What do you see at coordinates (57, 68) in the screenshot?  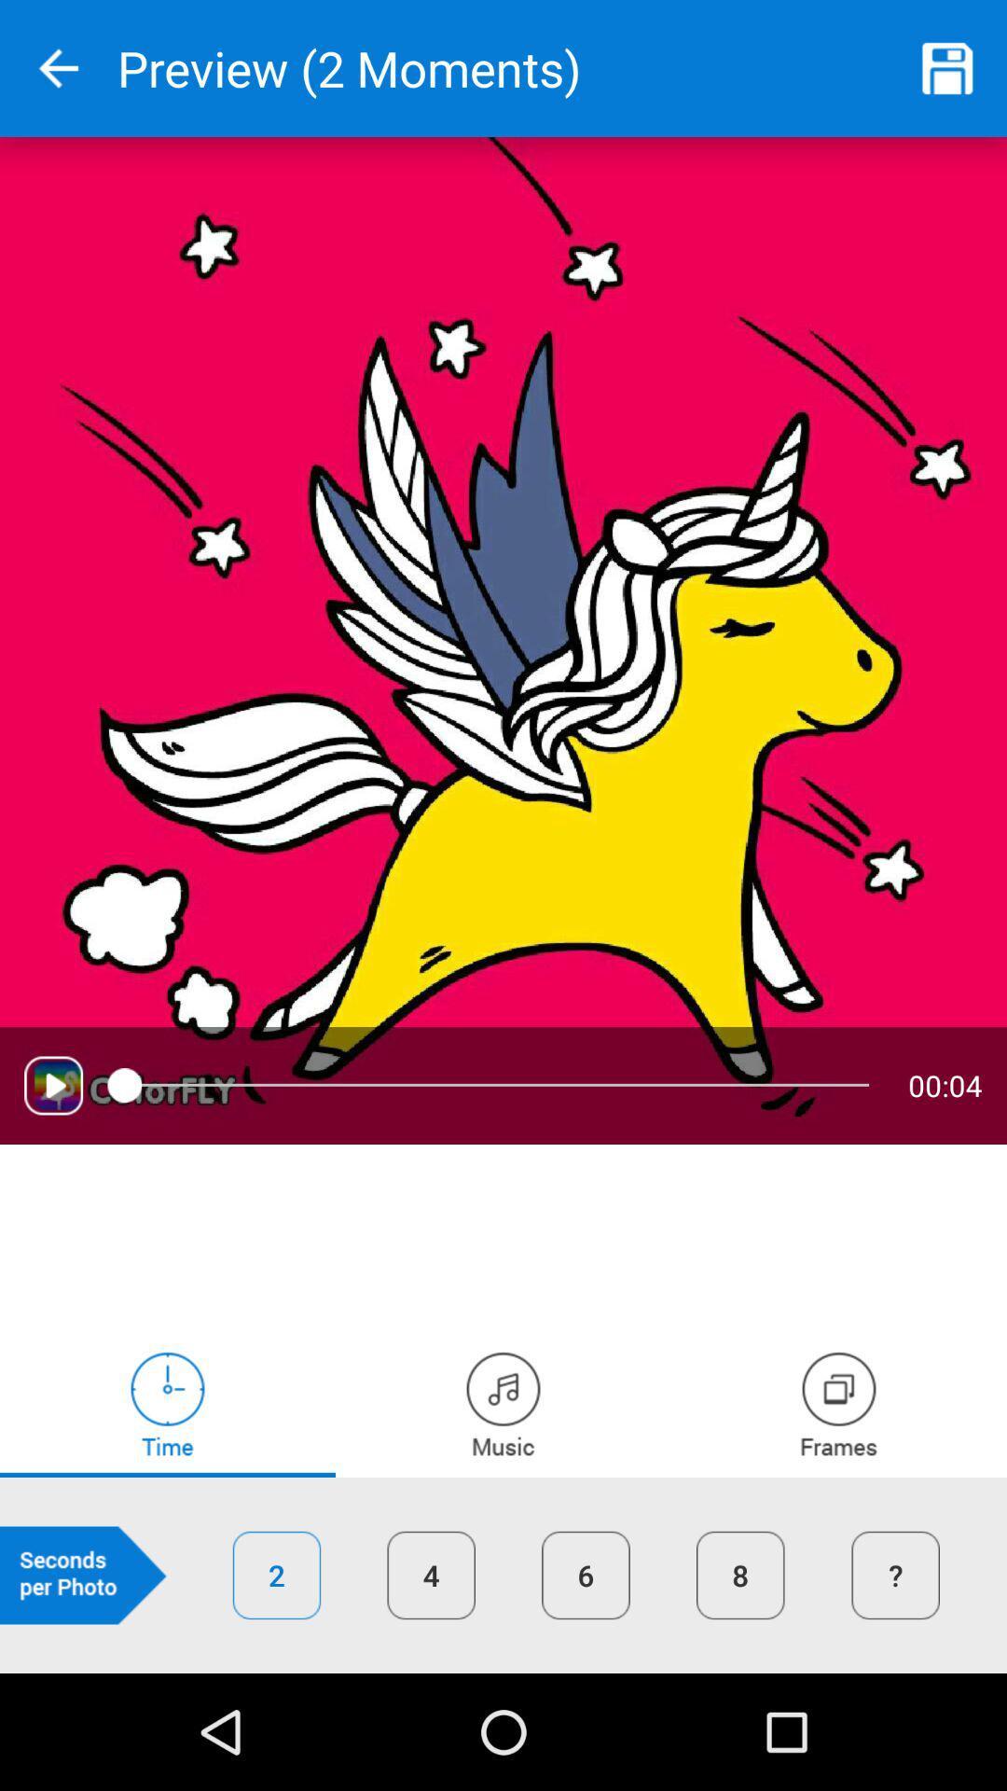 I see `go back` at bounding box center [57, 68].